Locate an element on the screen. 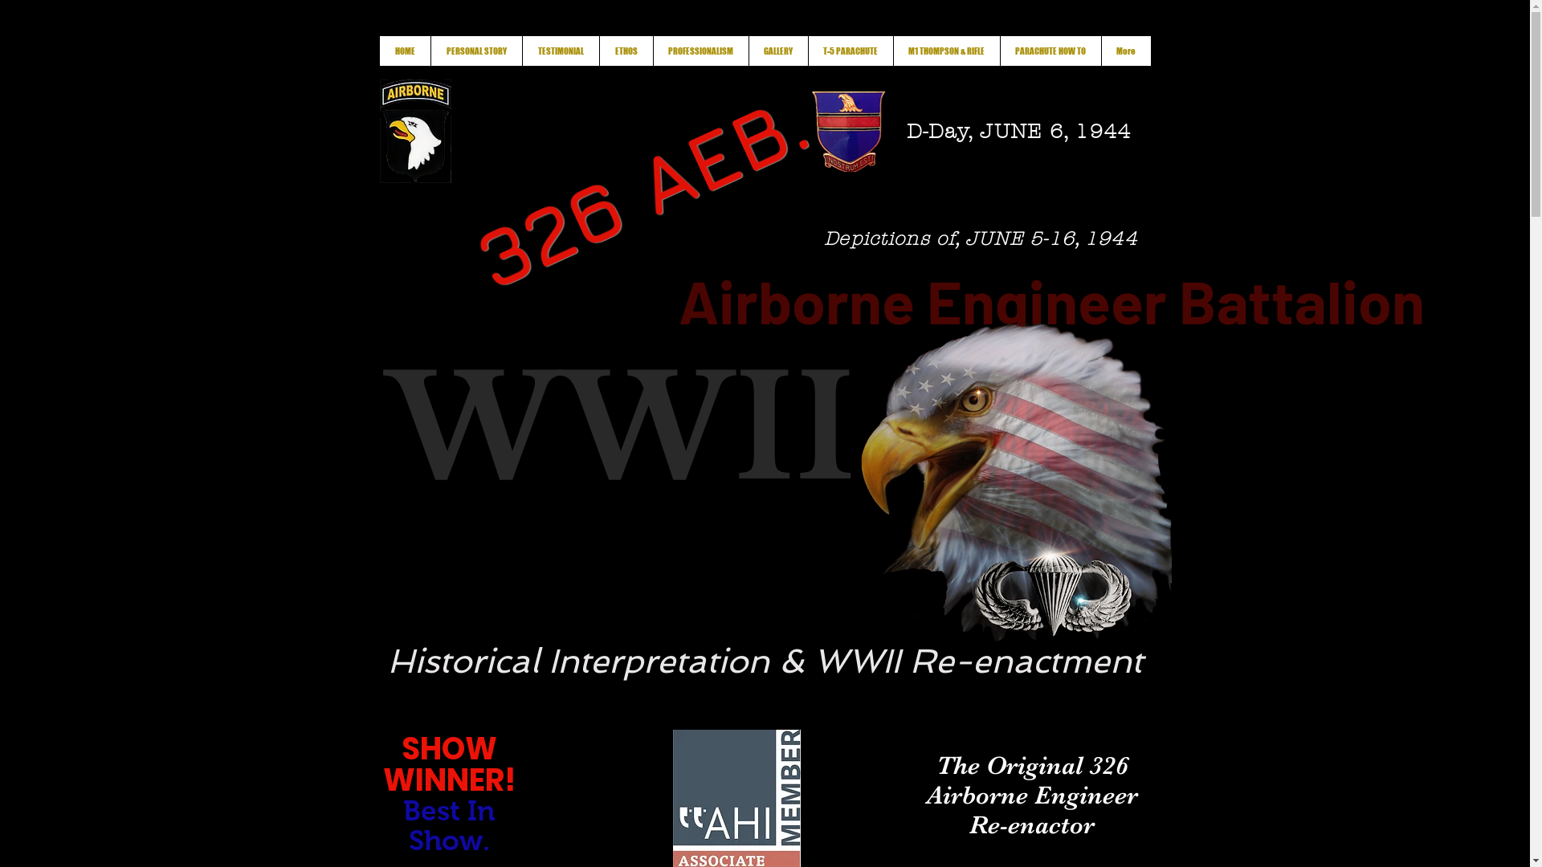  'PROFESSIONALISM' is located at coordinates (700, 50).